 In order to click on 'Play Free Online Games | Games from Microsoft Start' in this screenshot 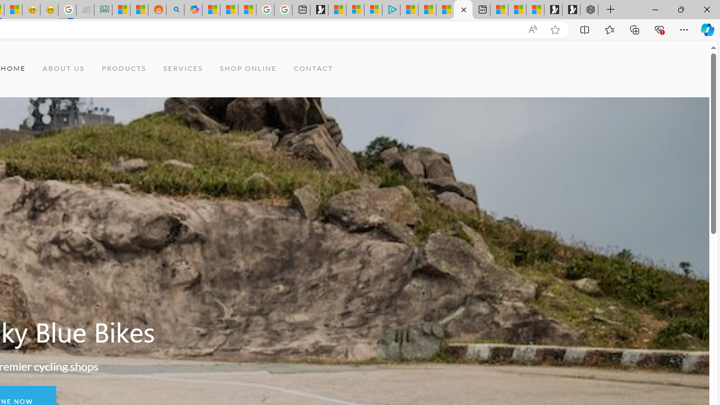, I will do `click(571, 10)`.